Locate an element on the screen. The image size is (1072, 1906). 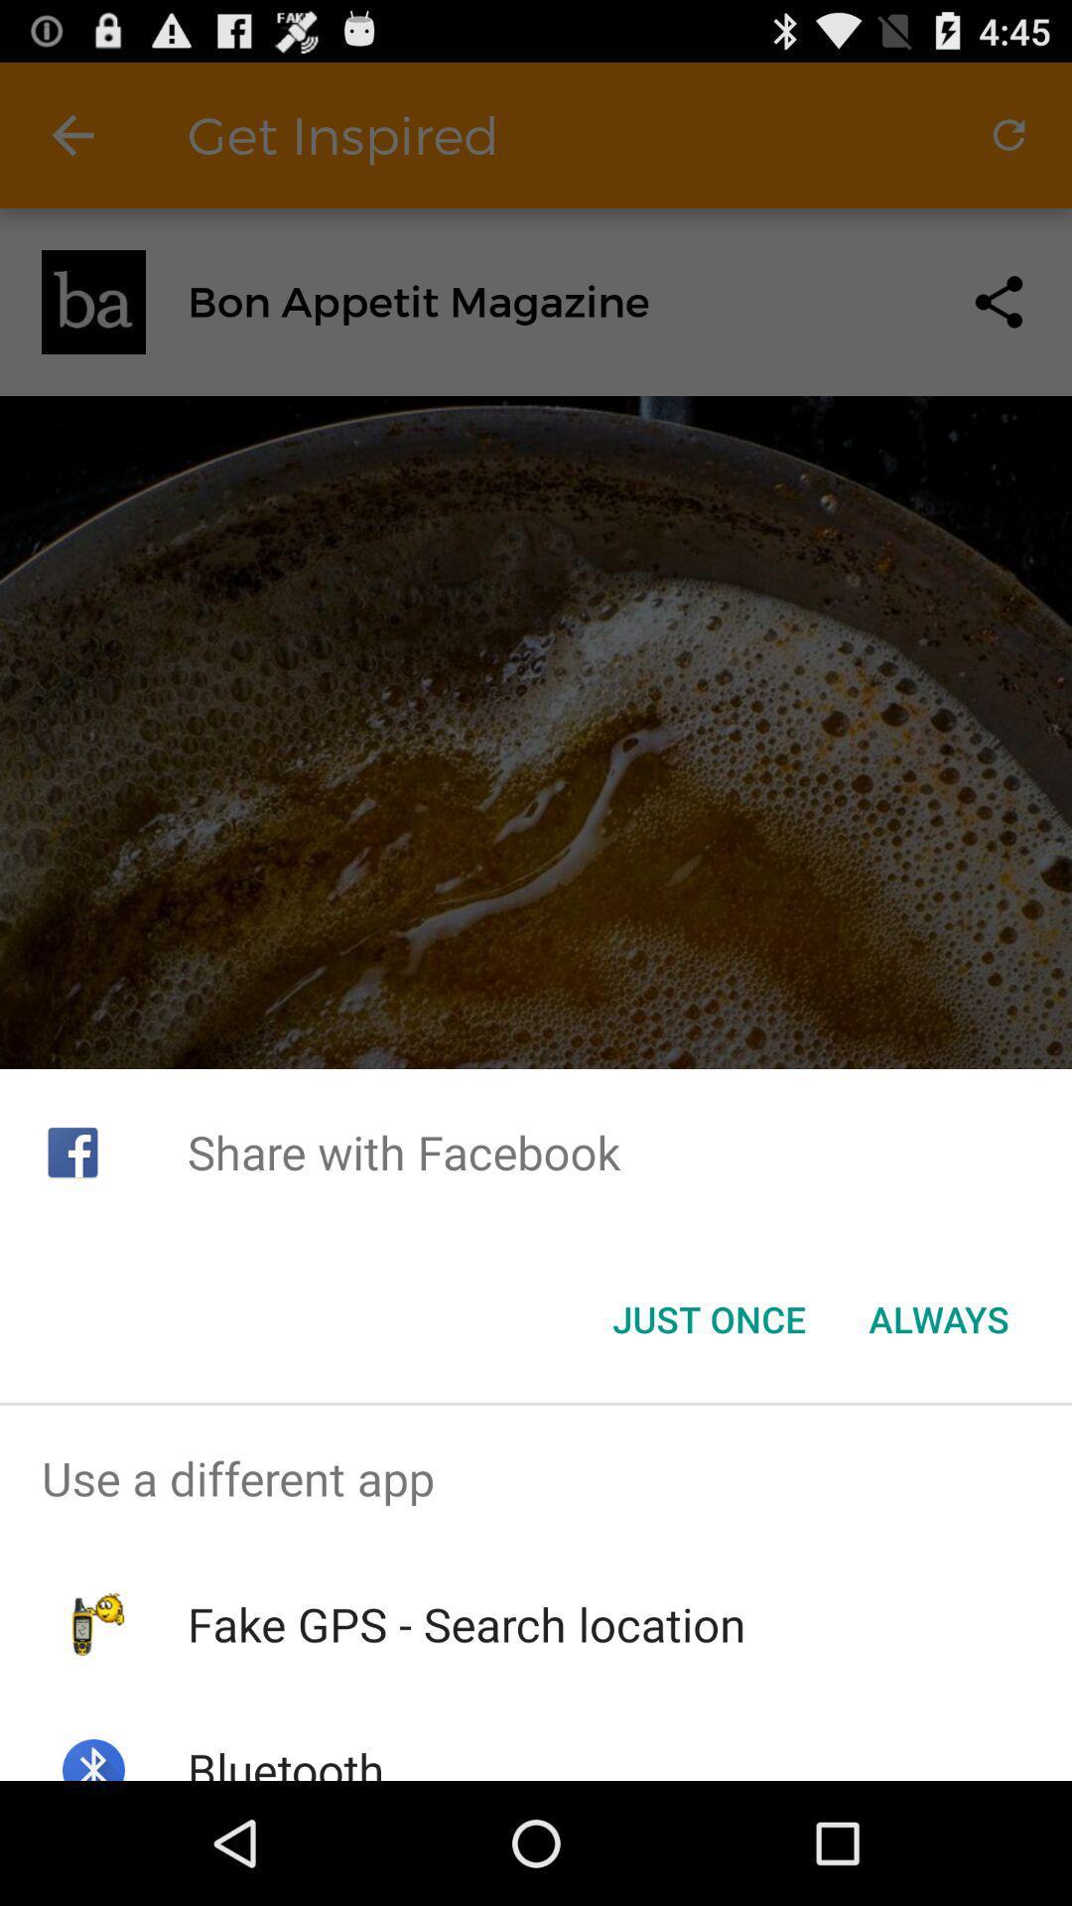
item above the fake gps search item is located at coordinates (536, 1478).